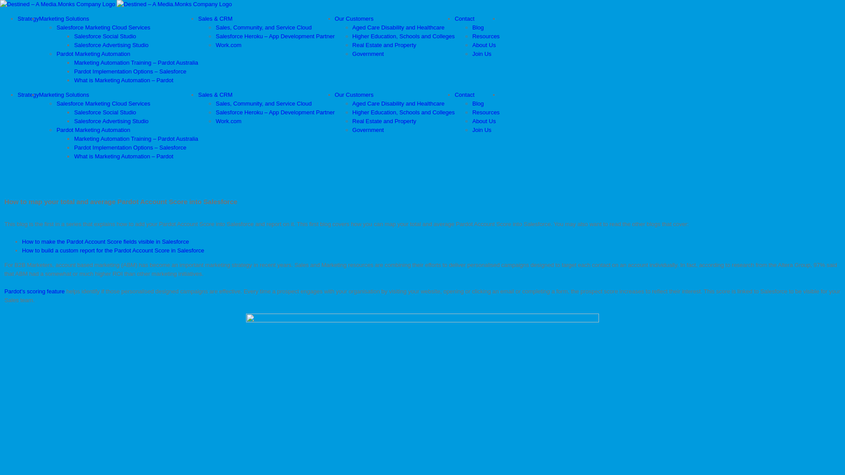  I want to click on 'Salesforce Social Studio', so click(105, 36).